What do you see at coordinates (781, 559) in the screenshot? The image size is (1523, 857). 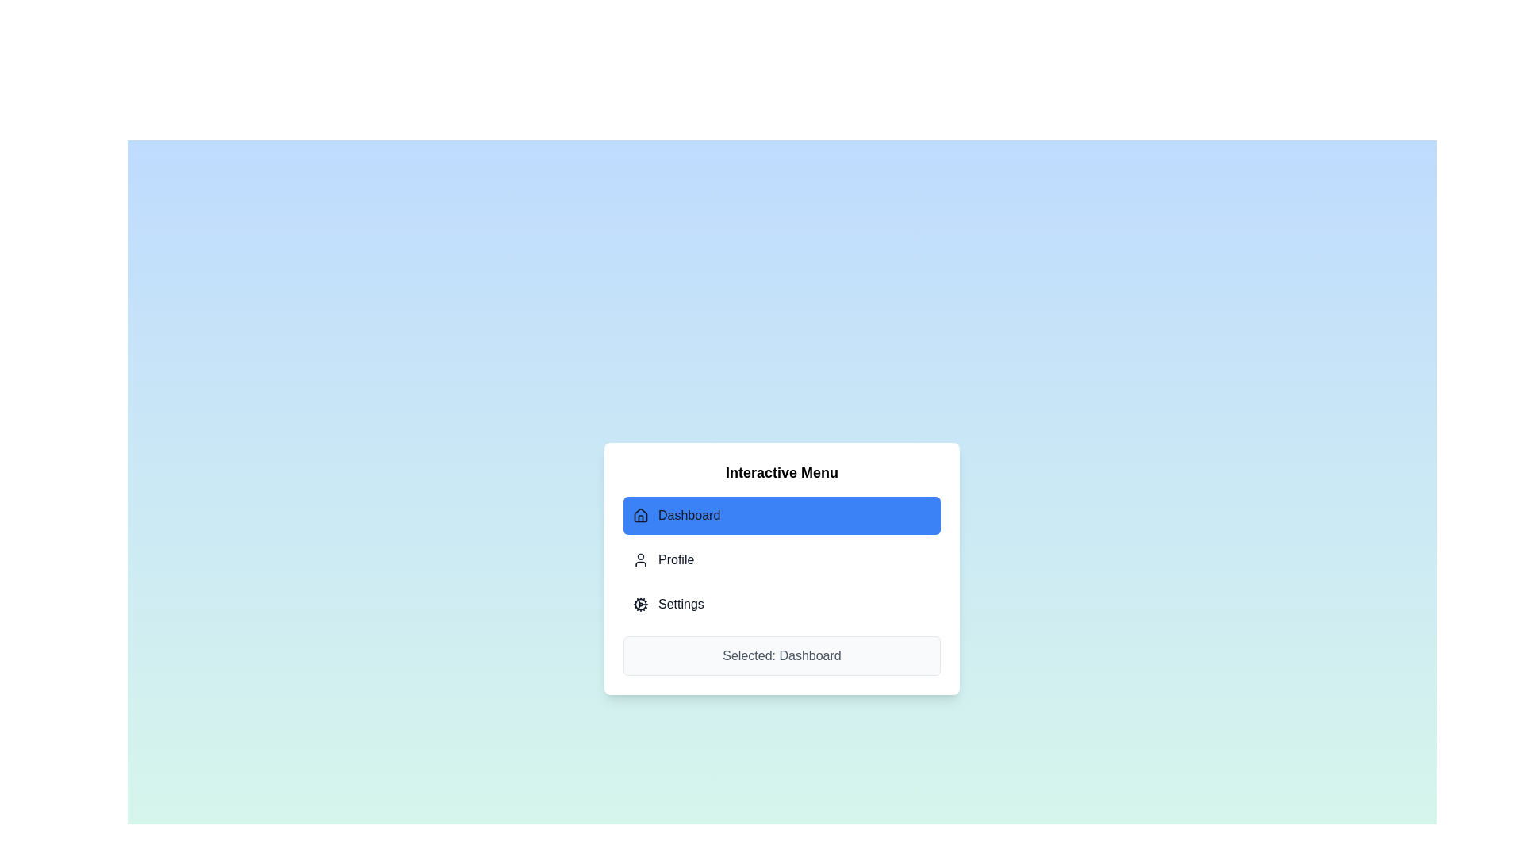 I see `the Profile tab in the menu` at bounding box center [781, 559].